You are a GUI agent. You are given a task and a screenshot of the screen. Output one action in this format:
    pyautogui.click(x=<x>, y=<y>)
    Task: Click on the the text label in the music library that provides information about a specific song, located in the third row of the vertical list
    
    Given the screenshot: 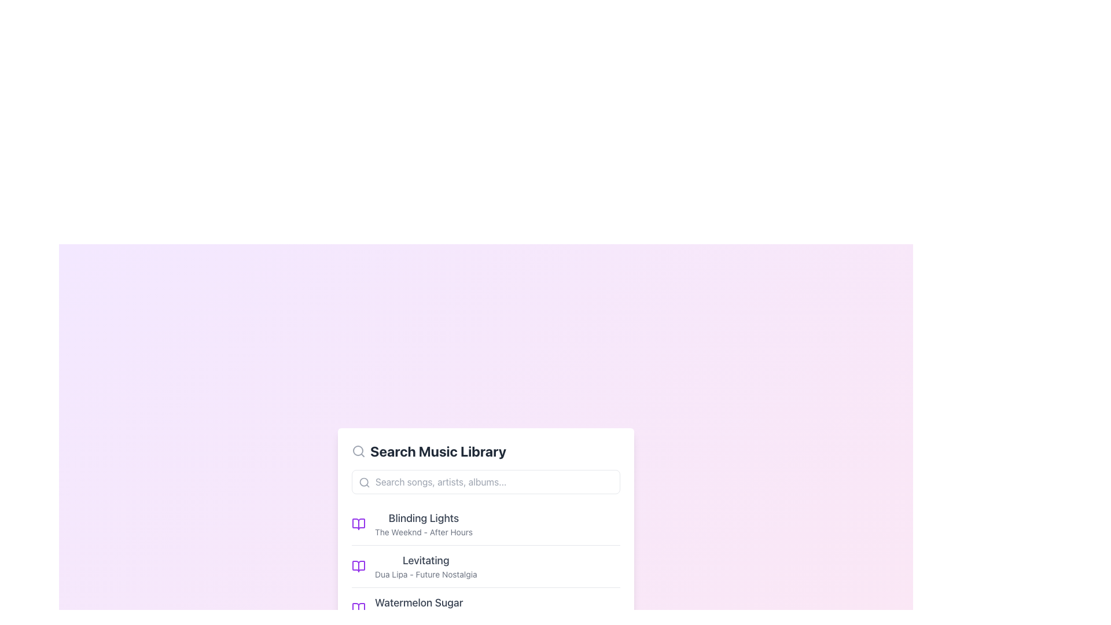 What is the action you would take?
    pyautogui.click(x=418, y=608)
    